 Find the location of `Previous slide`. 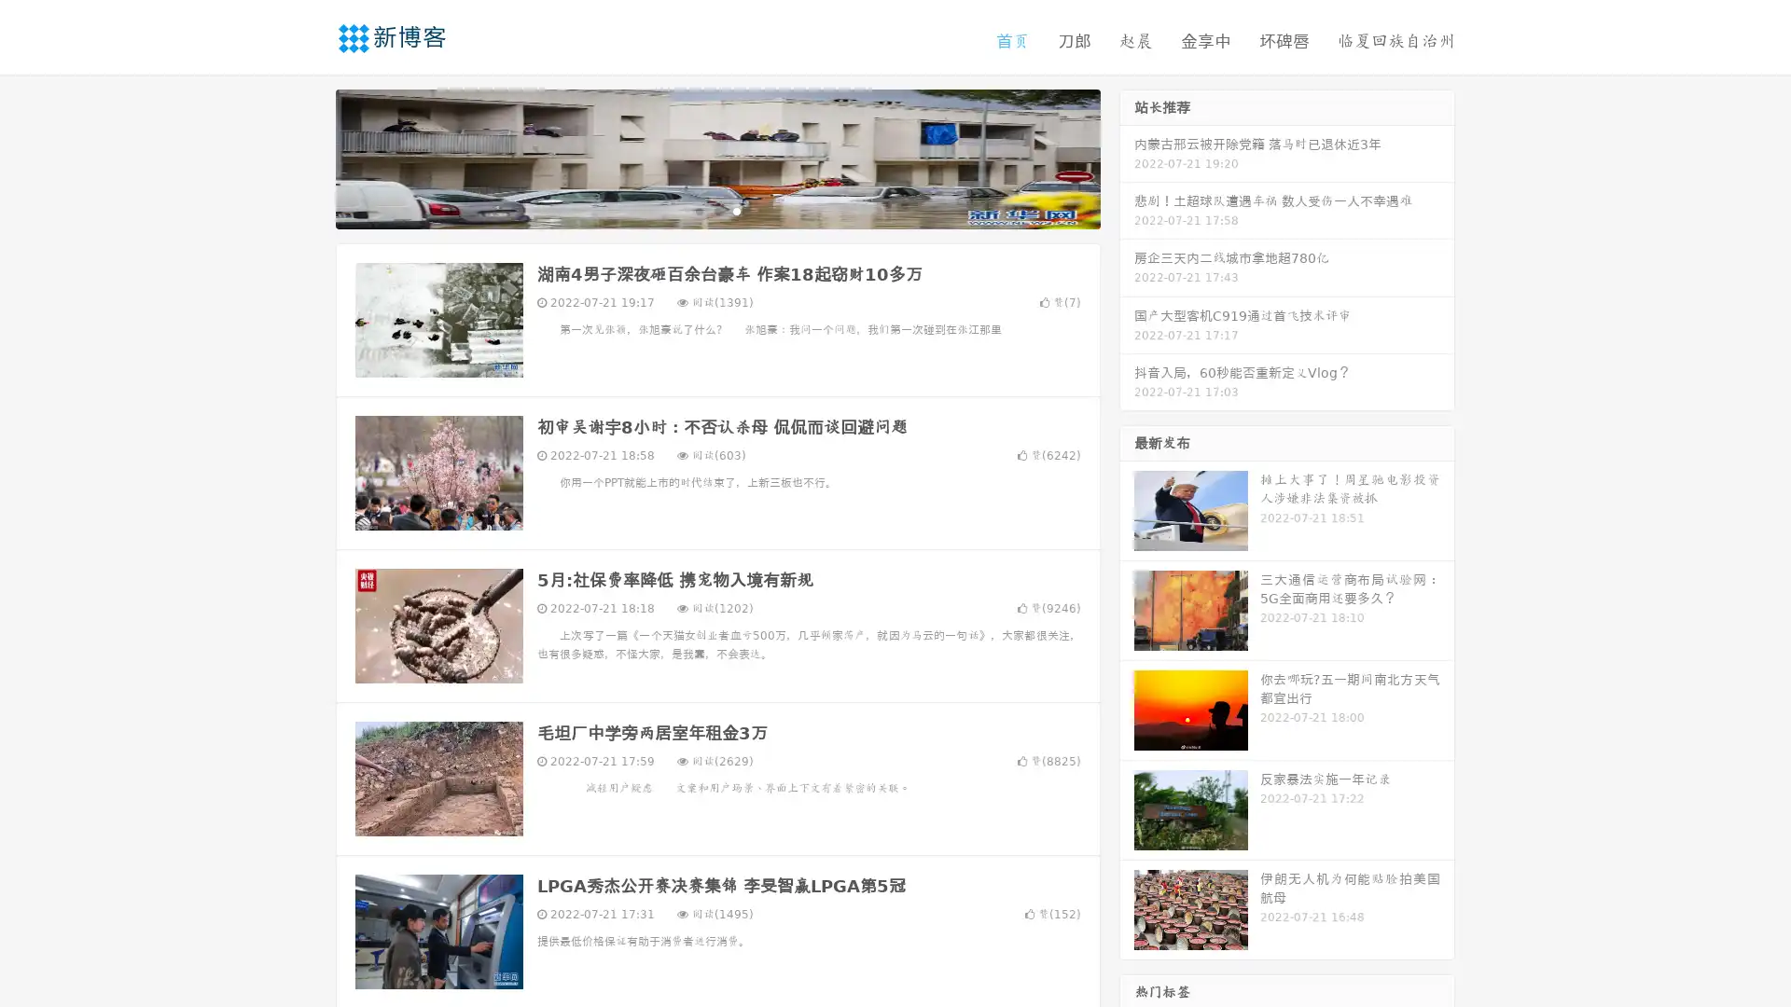

Previous slide is located at coordinates (308, 157).